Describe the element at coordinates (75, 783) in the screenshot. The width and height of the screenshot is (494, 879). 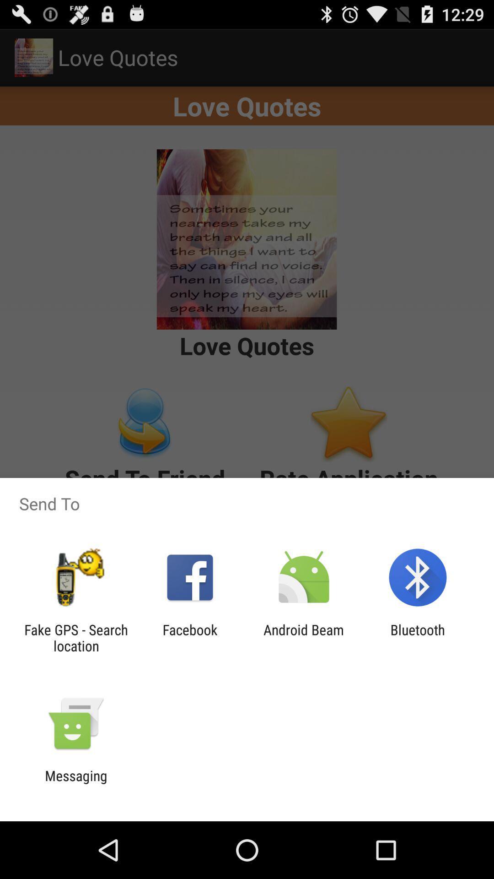
I see `the messaging app` at that location.